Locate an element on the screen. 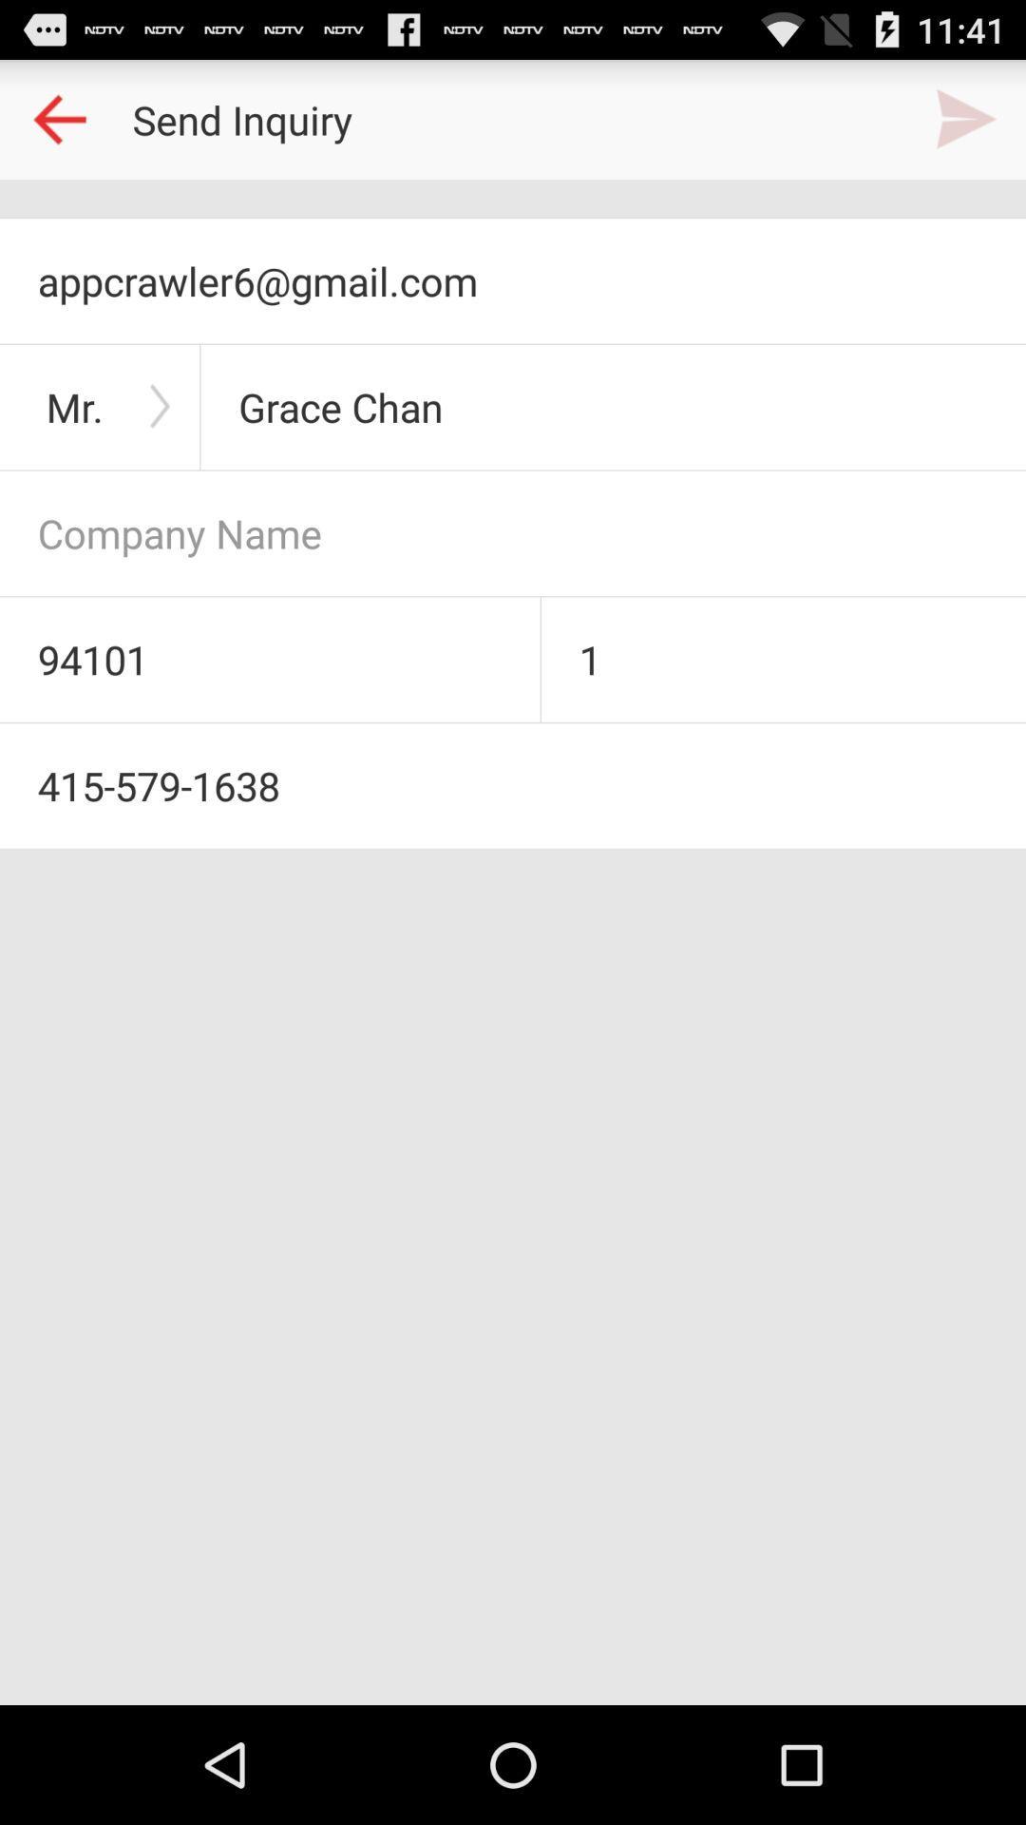  type your company name is located at coordinates (513, 532).